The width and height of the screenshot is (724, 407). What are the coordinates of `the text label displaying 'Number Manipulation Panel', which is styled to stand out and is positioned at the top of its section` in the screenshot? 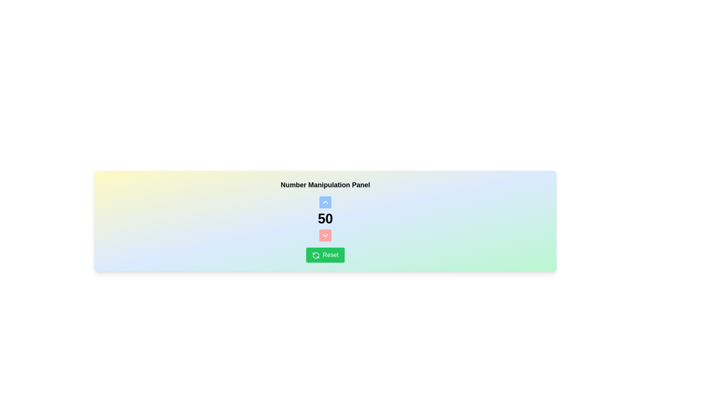 It's located at (325, 185).